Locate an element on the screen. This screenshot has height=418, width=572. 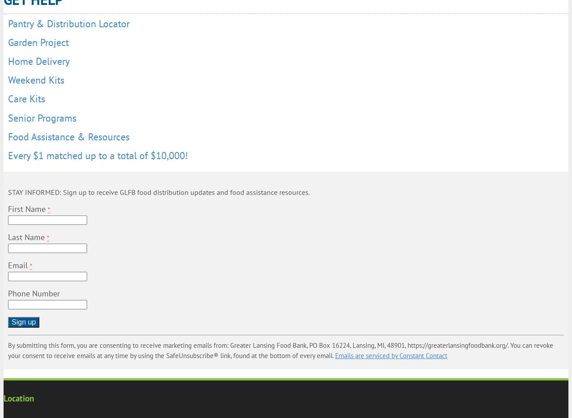
'Food Assistance & Resources' is located at coordinates (68, 136).